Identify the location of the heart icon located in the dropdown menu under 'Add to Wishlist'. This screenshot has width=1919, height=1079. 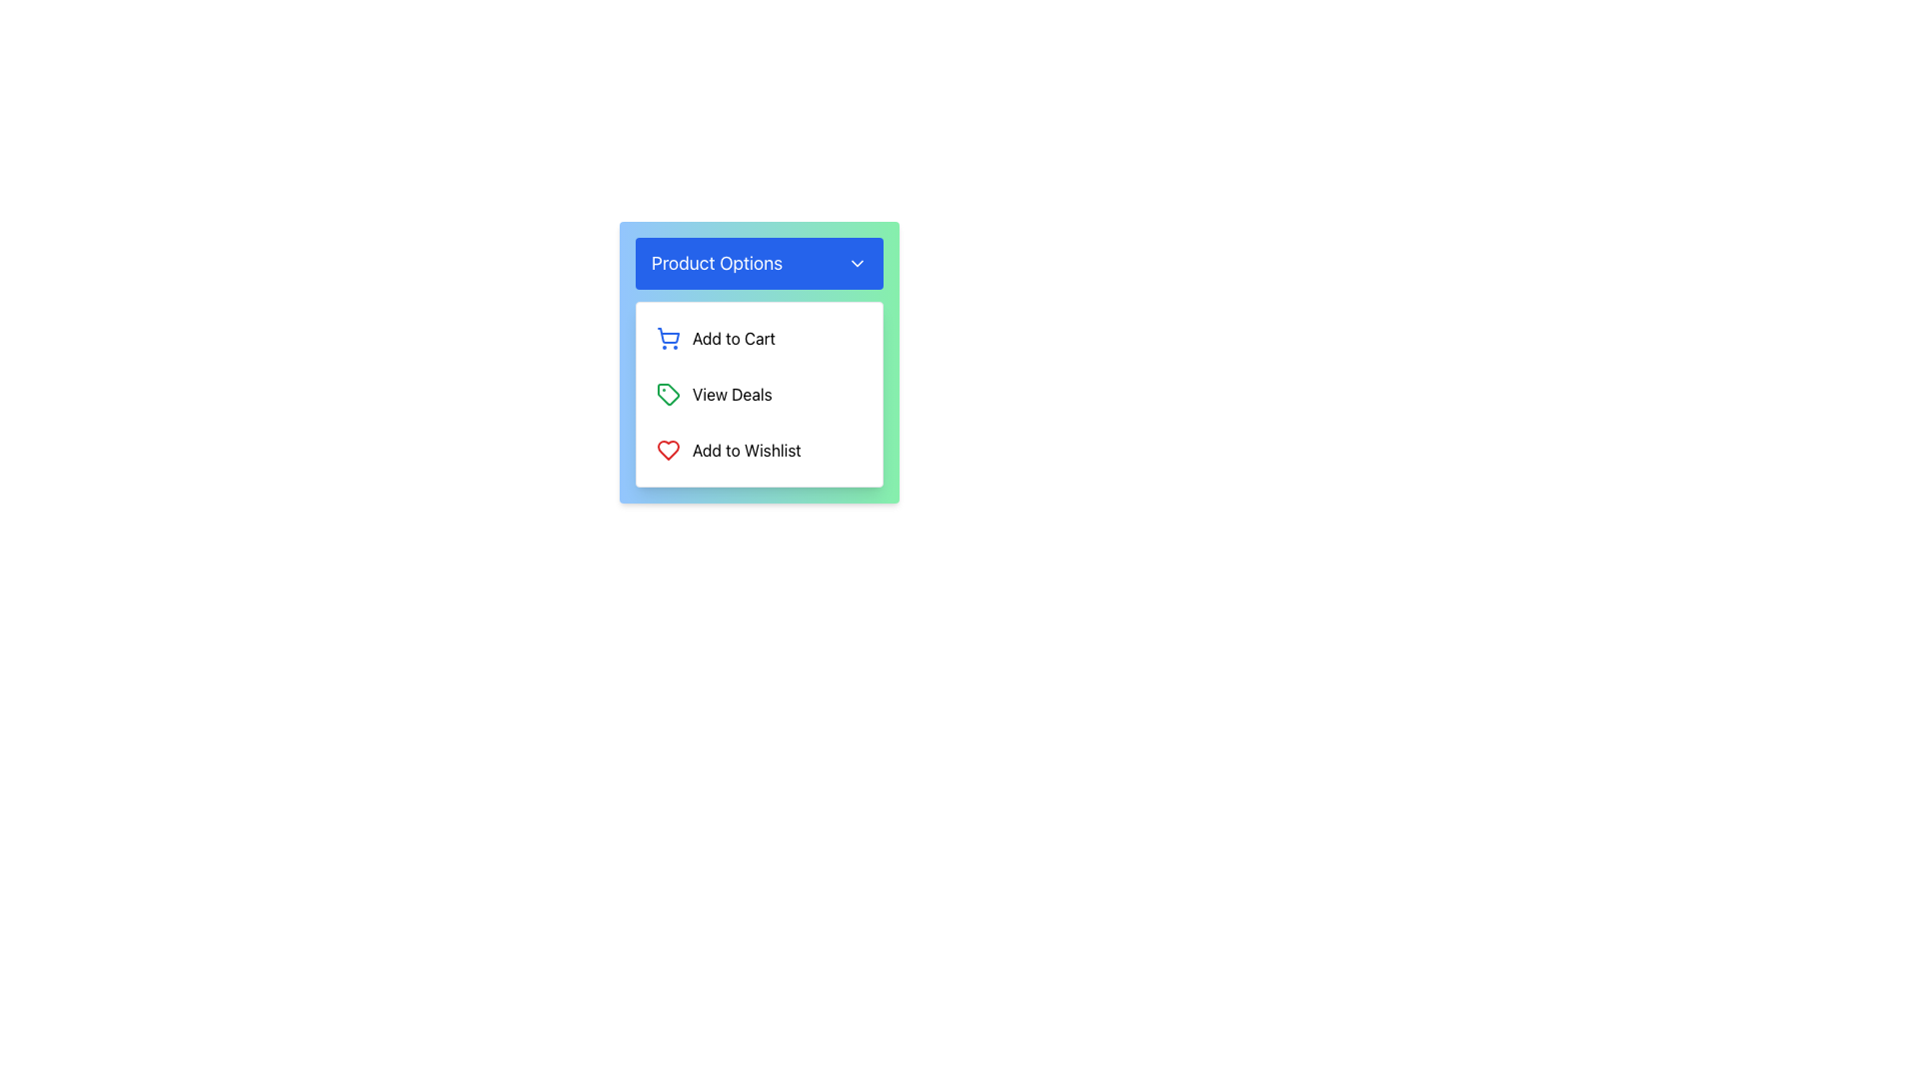
(668, 451).